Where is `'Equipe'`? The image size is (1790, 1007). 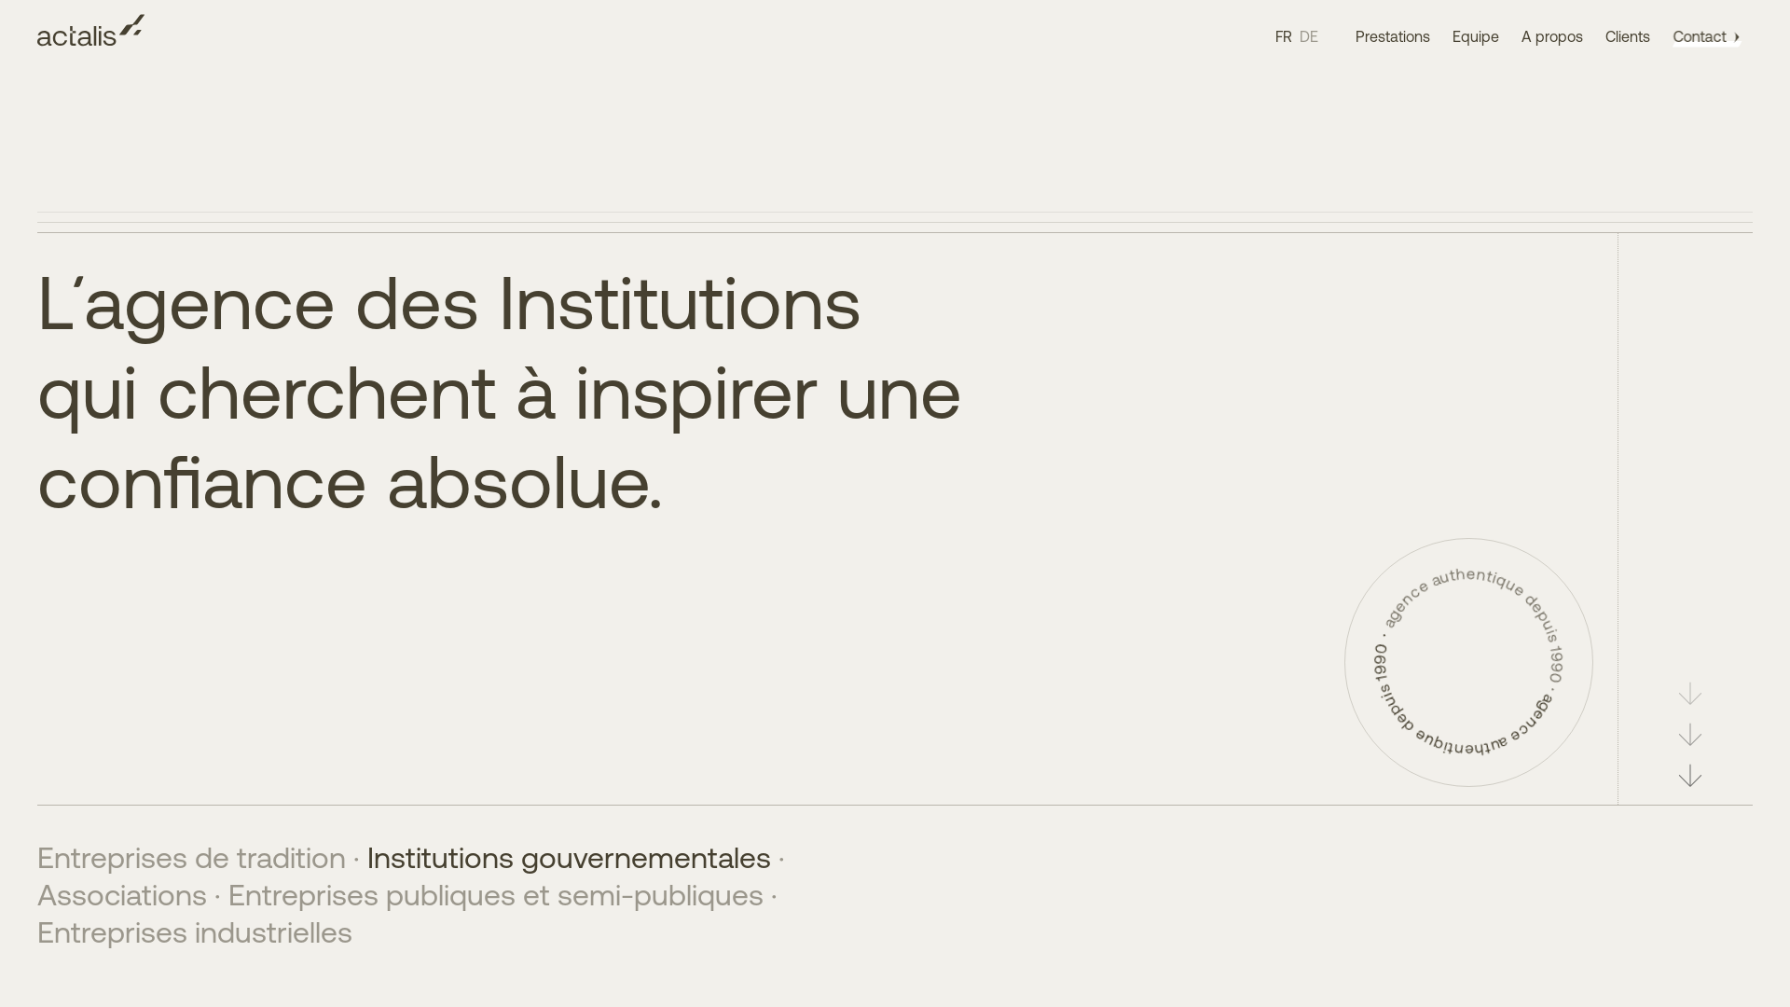 'Equipe' is located at coordinates (1475, 36).